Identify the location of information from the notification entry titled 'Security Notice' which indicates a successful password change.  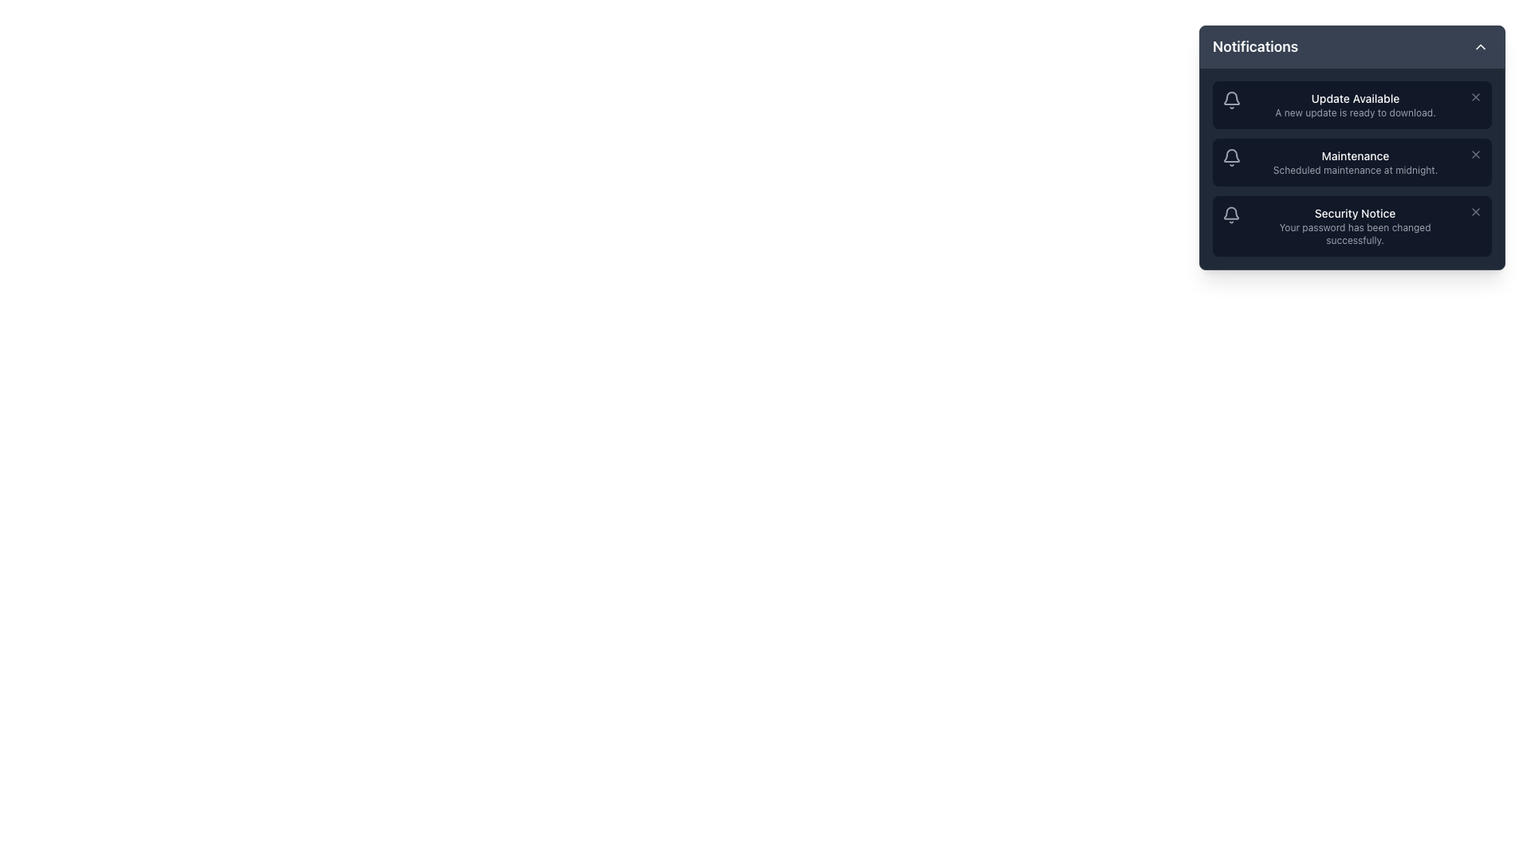
(1354, 226).